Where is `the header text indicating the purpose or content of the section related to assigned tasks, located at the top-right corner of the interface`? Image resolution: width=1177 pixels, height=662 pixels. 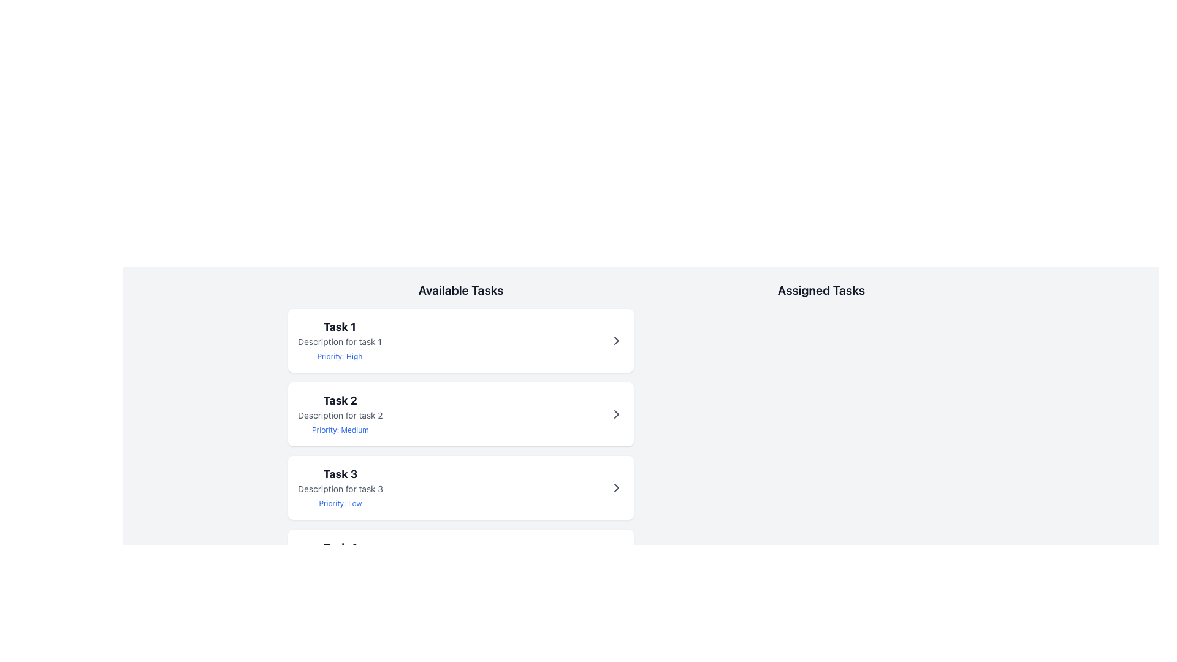 the header text indicating the purpose or content of the section related to assigned tasks, located at the top-right corner of the interface is located at coordinates (821, 291).